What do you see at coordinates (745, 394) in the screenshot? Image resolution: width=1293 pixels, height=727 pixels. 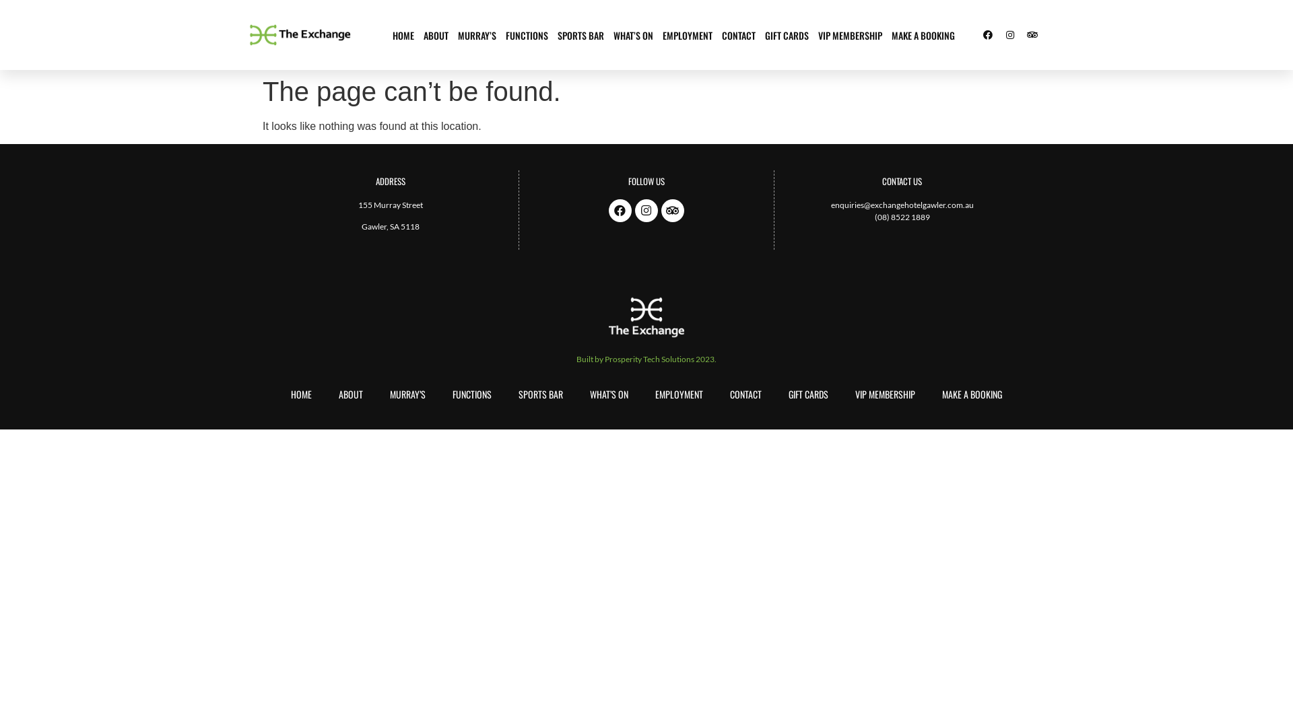 I see `'CONTACT'` at bounding box center [745, 394].